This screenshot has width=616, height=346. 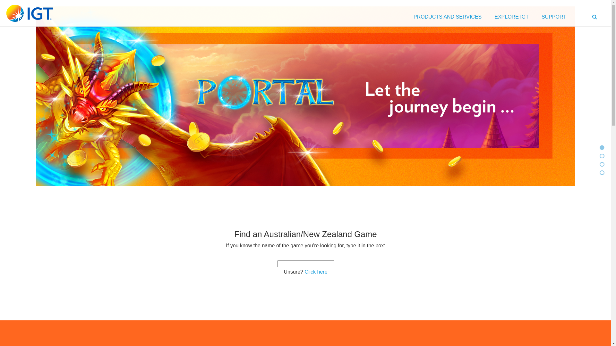 I want to click on 'IGT', so click(x=29, y=13).